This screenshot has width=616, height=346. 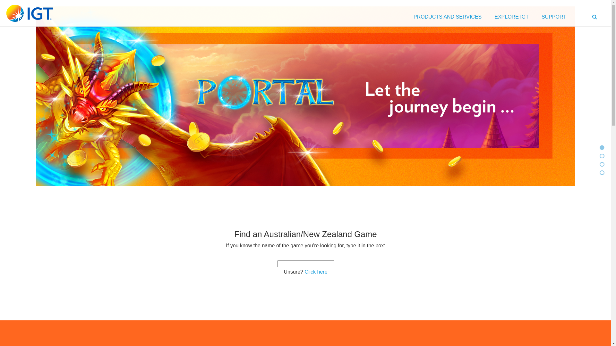 I want to click on 'IGT', so click(x=29, y=13).